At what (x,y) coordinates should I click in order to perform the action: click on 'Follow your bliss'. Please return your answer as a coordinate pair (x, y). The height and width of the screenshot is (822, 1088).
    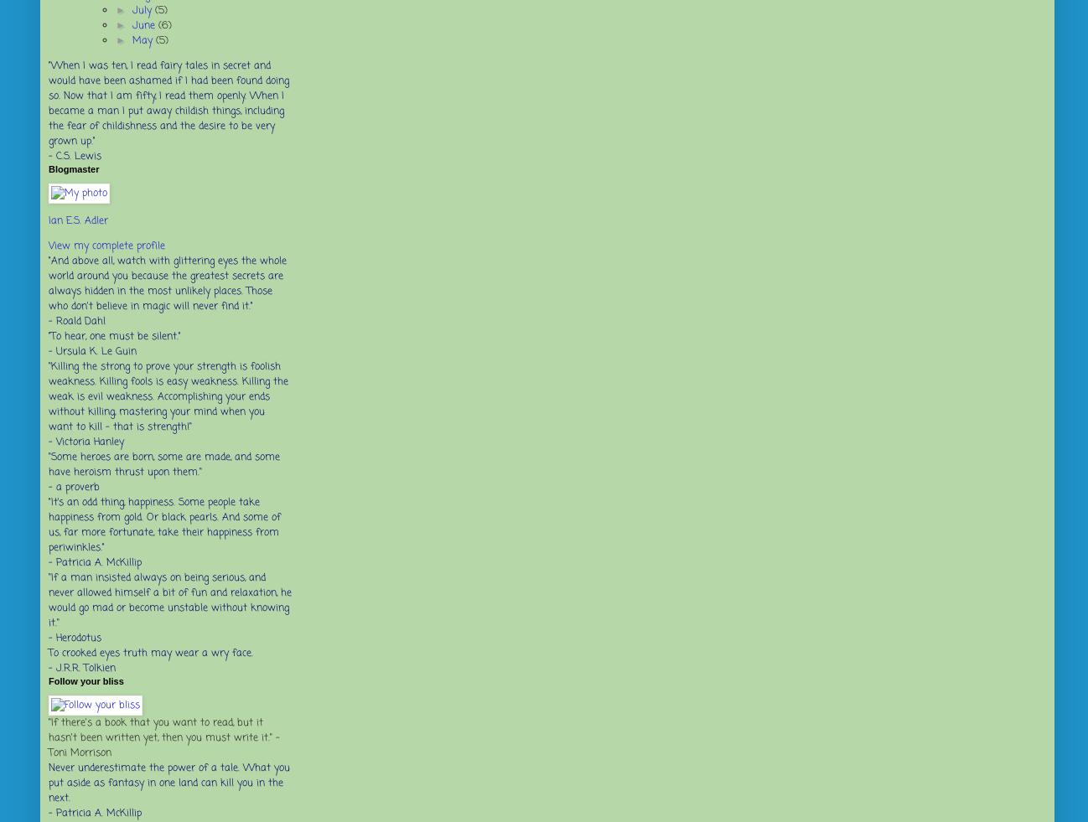
    Looking at the image, I should click on (85, 680).